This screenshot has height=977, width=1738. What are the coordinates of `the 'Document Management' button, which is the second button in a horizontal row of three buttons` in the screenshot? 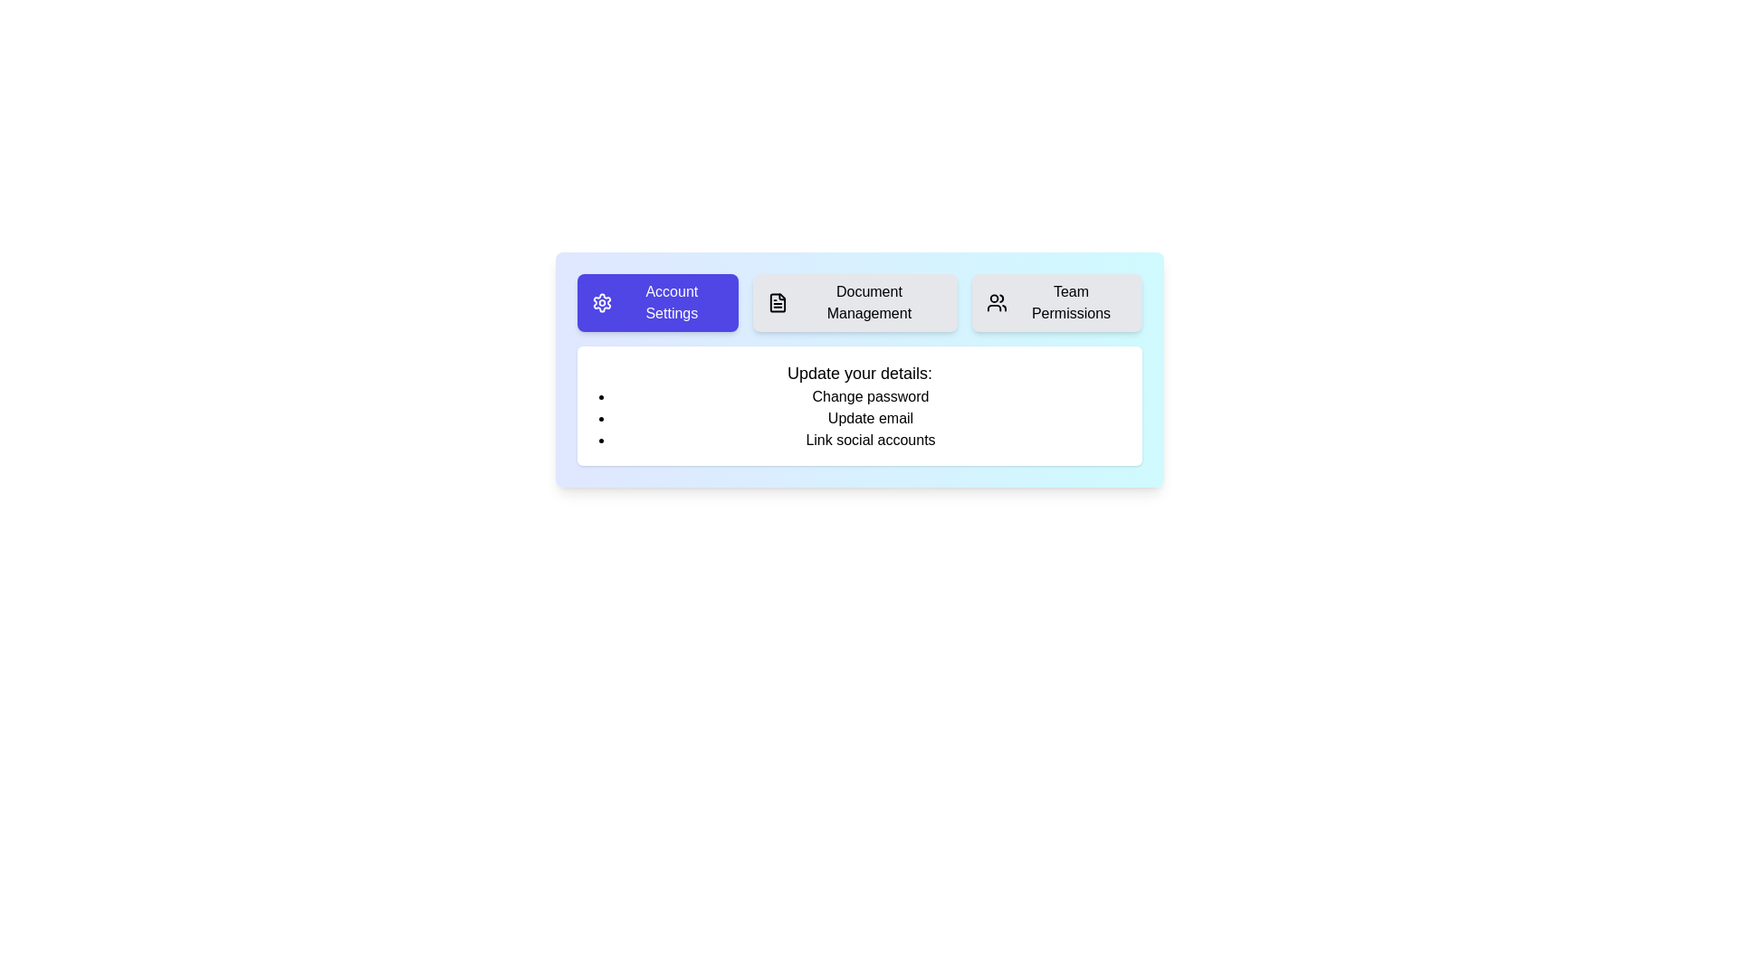 It's located at (859, 302).